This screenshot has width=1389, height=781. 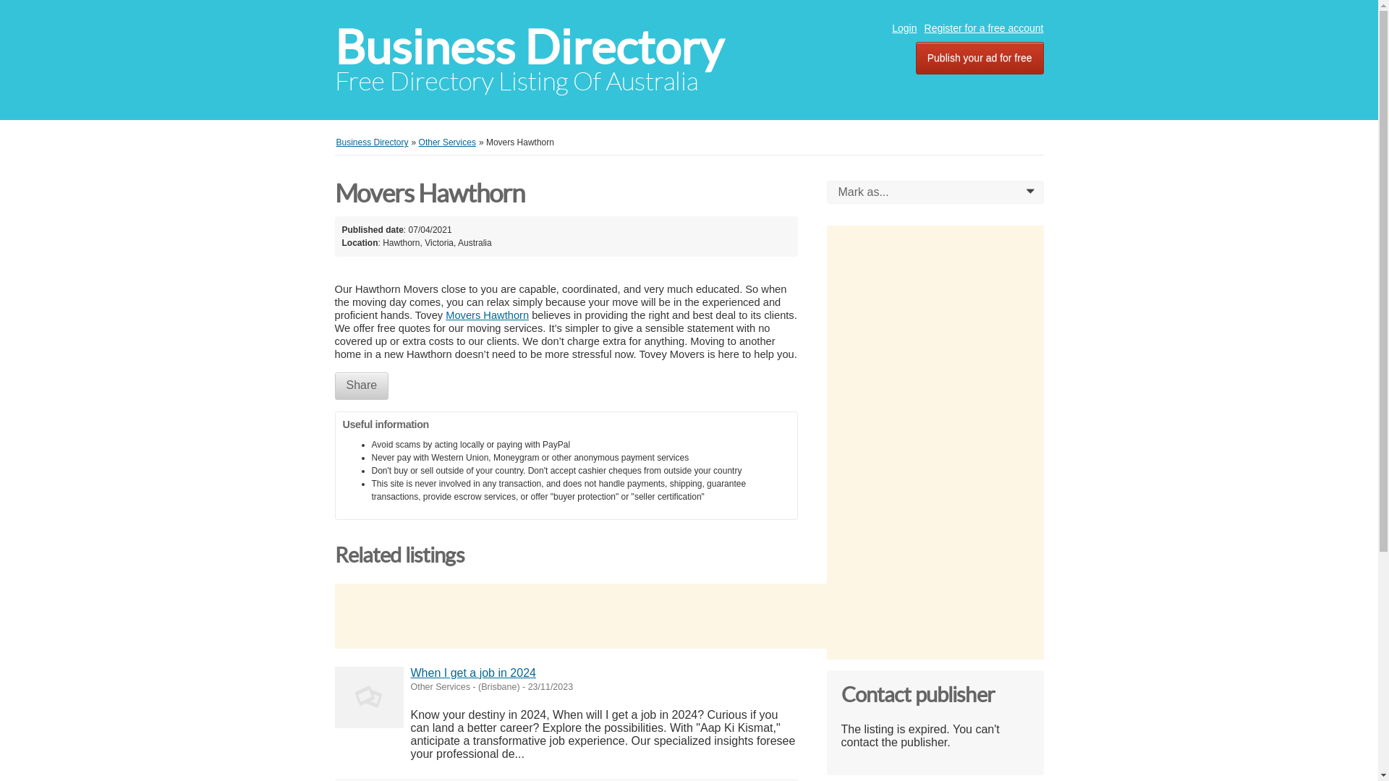 I want to click on 'Business Directory', so click(x=527, y=46).